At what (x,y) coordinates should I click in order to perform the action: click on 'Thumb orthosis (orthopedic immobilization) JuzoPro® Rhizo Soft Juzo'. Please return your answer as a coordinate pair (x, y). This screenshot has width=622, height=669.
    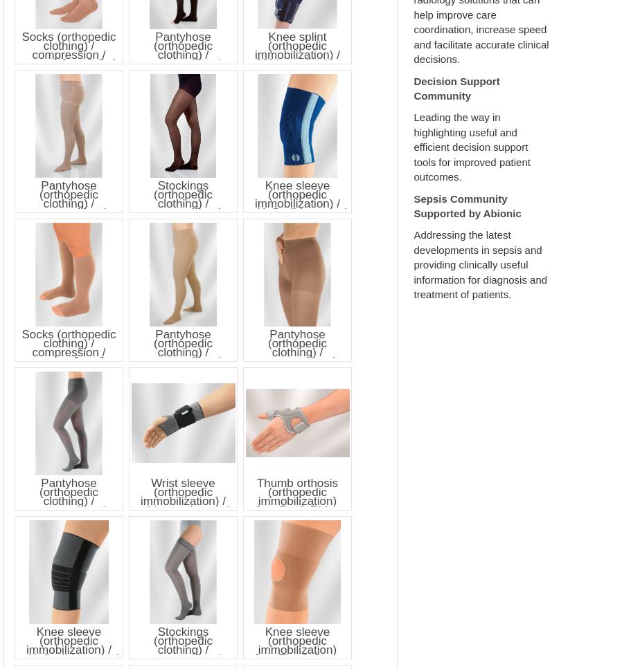
    Looking at the image, I should click on (296, 500).